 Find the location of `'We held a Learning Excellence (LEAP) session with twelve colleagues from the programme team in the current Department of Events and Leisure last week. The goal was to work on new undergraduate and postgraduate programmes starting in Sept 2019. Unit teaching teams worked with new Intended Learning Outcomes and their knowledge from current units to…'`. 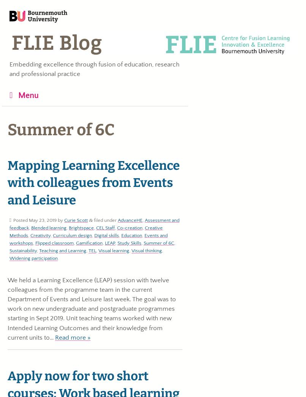

'We held a Learning Excellence (LEAP) session with twelve colleagues from the programme team in the current Department of Events and Leisure last week. The goal was to work on new undergraduate and postgraduate programmes starting in Sept 2019. Unit teaching teams worked with new Intended Learning Outcomes and their knowledge from current units to…' is located at coordinates (92, 308).